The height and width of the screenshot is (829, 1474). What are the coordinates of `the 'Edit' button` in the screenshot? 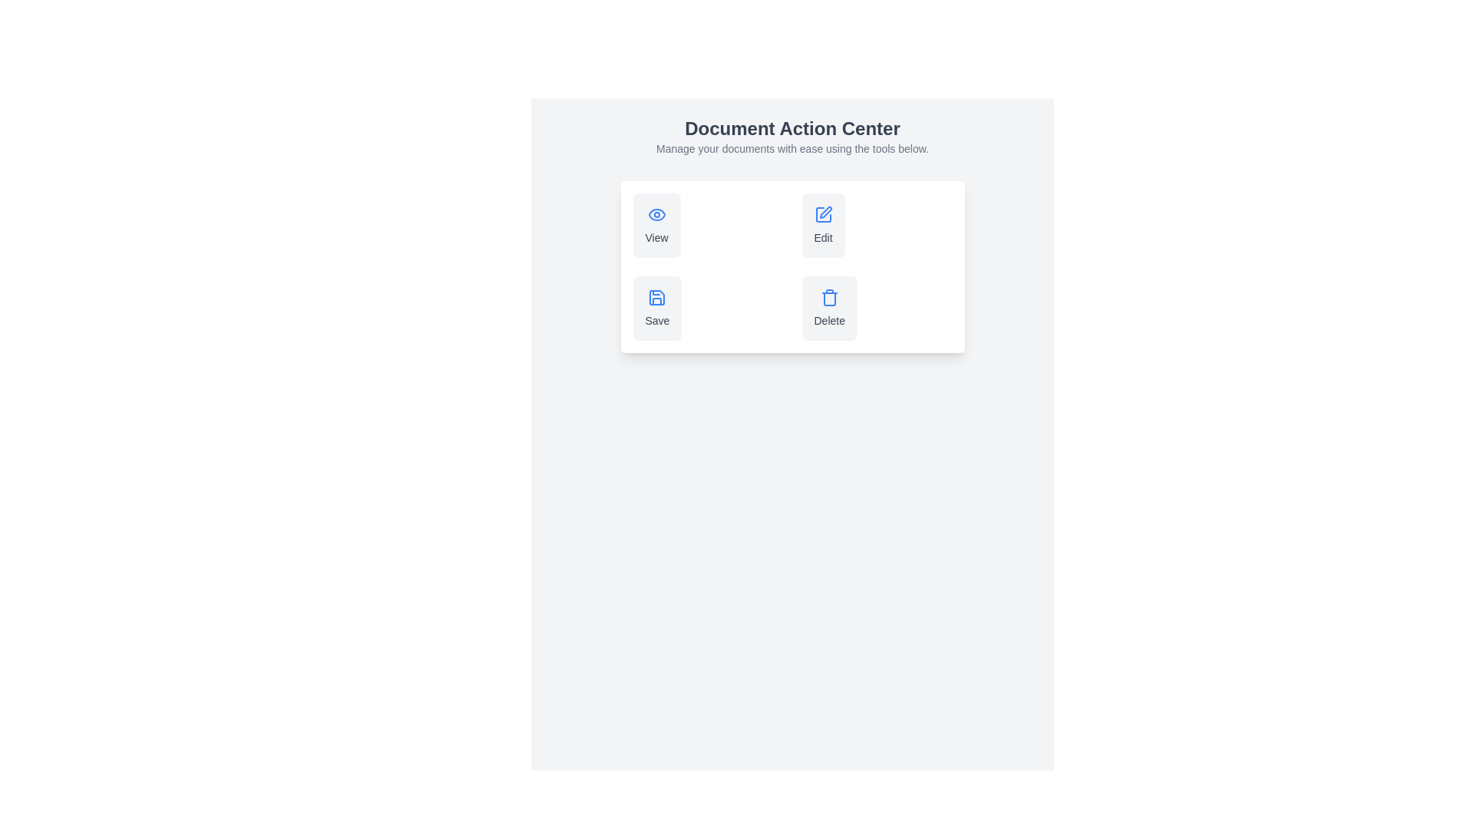 It's located at (822, 225).